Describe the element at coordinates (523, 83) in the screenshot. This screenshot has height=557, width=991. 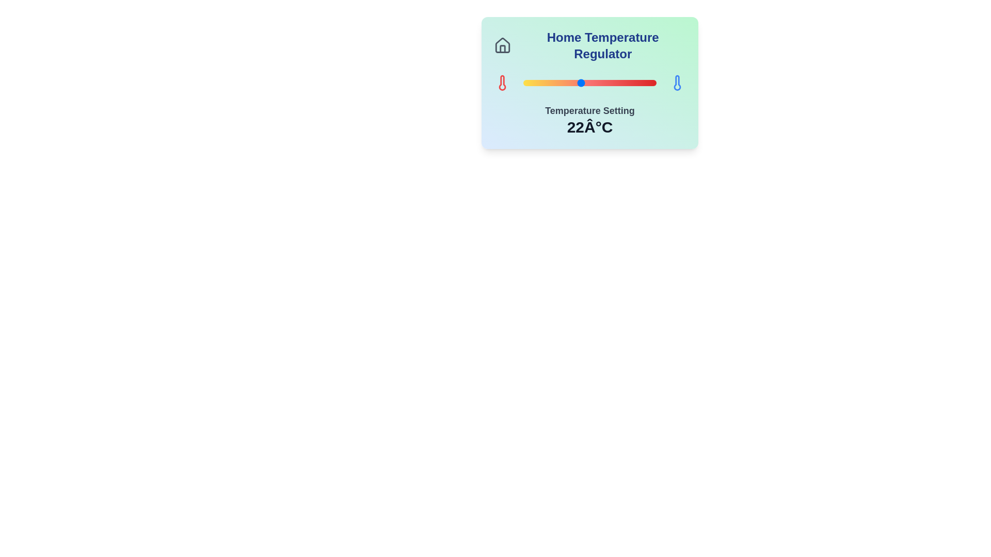
I see `the temperature to 16°C using the slider` at that location.